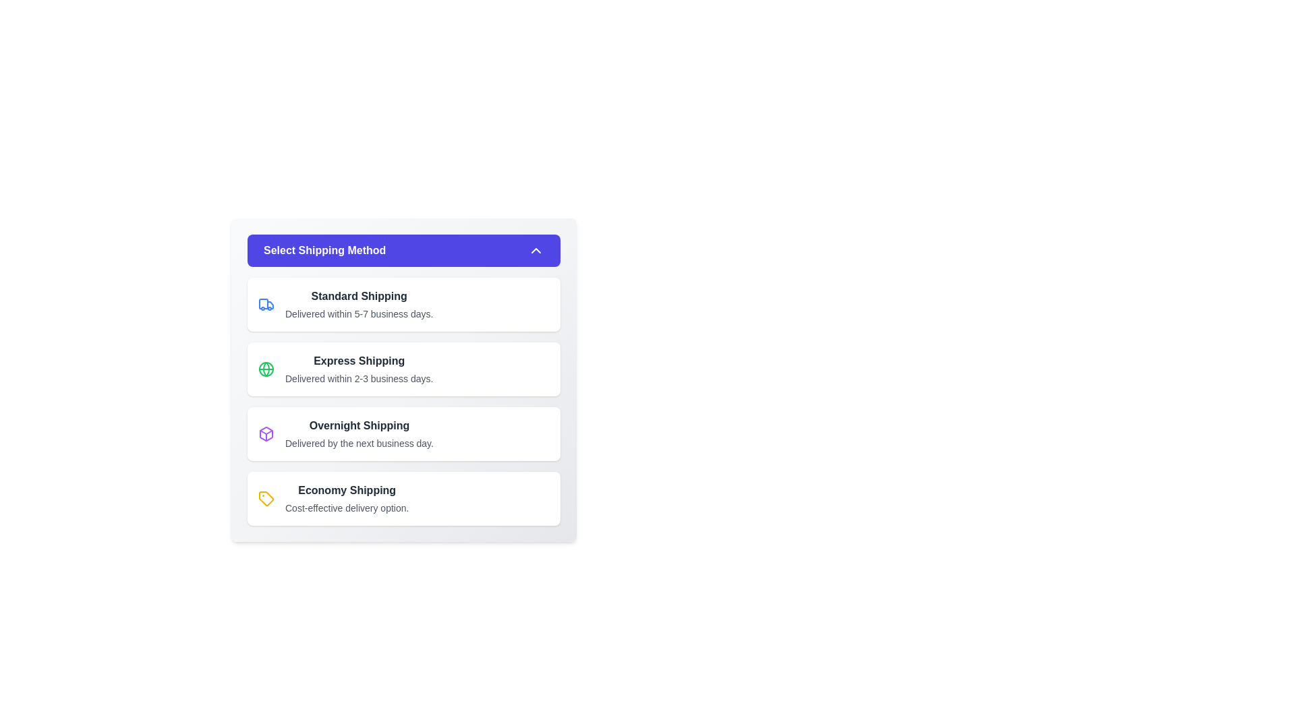 The width and height of the screenshot is (1295, 728). Describe the element at coordinates (270, 305) in the screenshot. I see `the stylized blue truck icon representing the 'Standard Shipping' option in the graphical interface` at that location.